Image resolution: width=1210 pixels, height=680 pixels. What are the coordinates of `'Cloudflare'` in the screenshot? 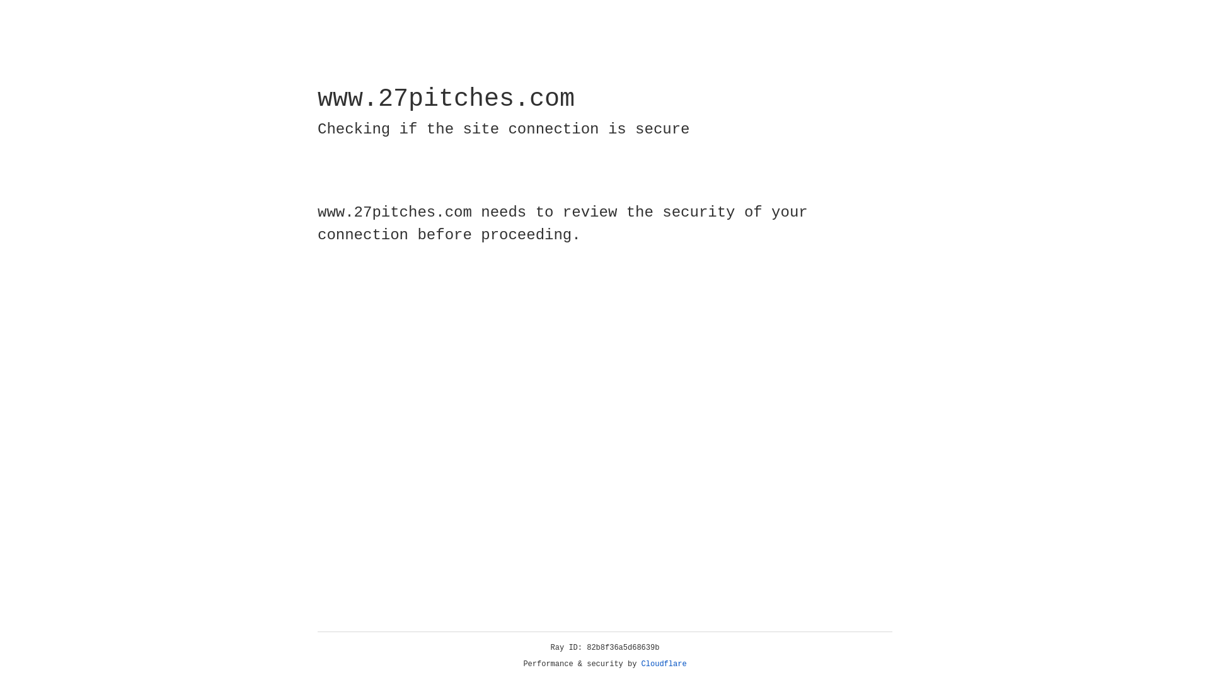 It's located at (664, 664).